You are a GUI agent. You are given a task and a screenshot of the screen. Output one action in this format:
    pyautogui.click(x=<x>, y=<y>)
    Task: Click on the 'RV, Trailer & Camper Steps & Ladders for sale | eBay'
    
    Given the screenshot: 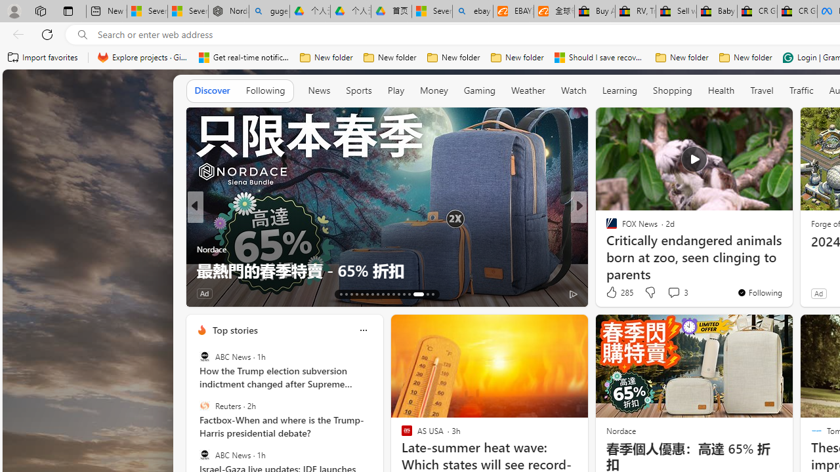 What is the action you would take?
    pyautogui.click(x=635, y=11)
    